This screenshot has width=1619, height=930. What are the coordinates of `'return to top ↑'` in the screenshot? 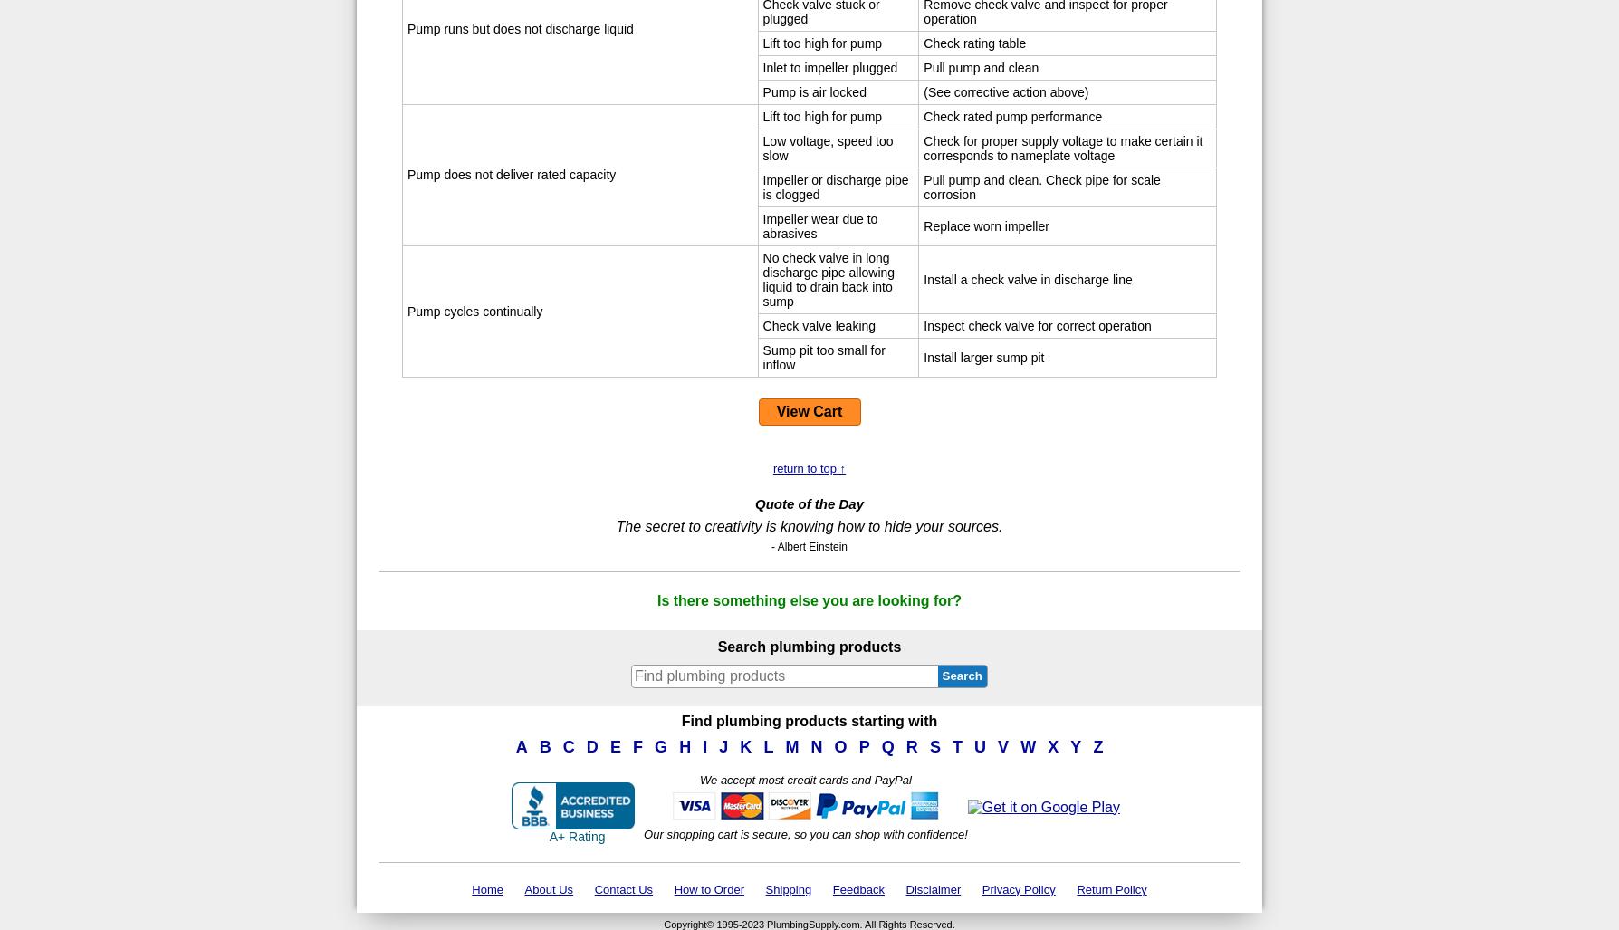 It's located at (808, 467).